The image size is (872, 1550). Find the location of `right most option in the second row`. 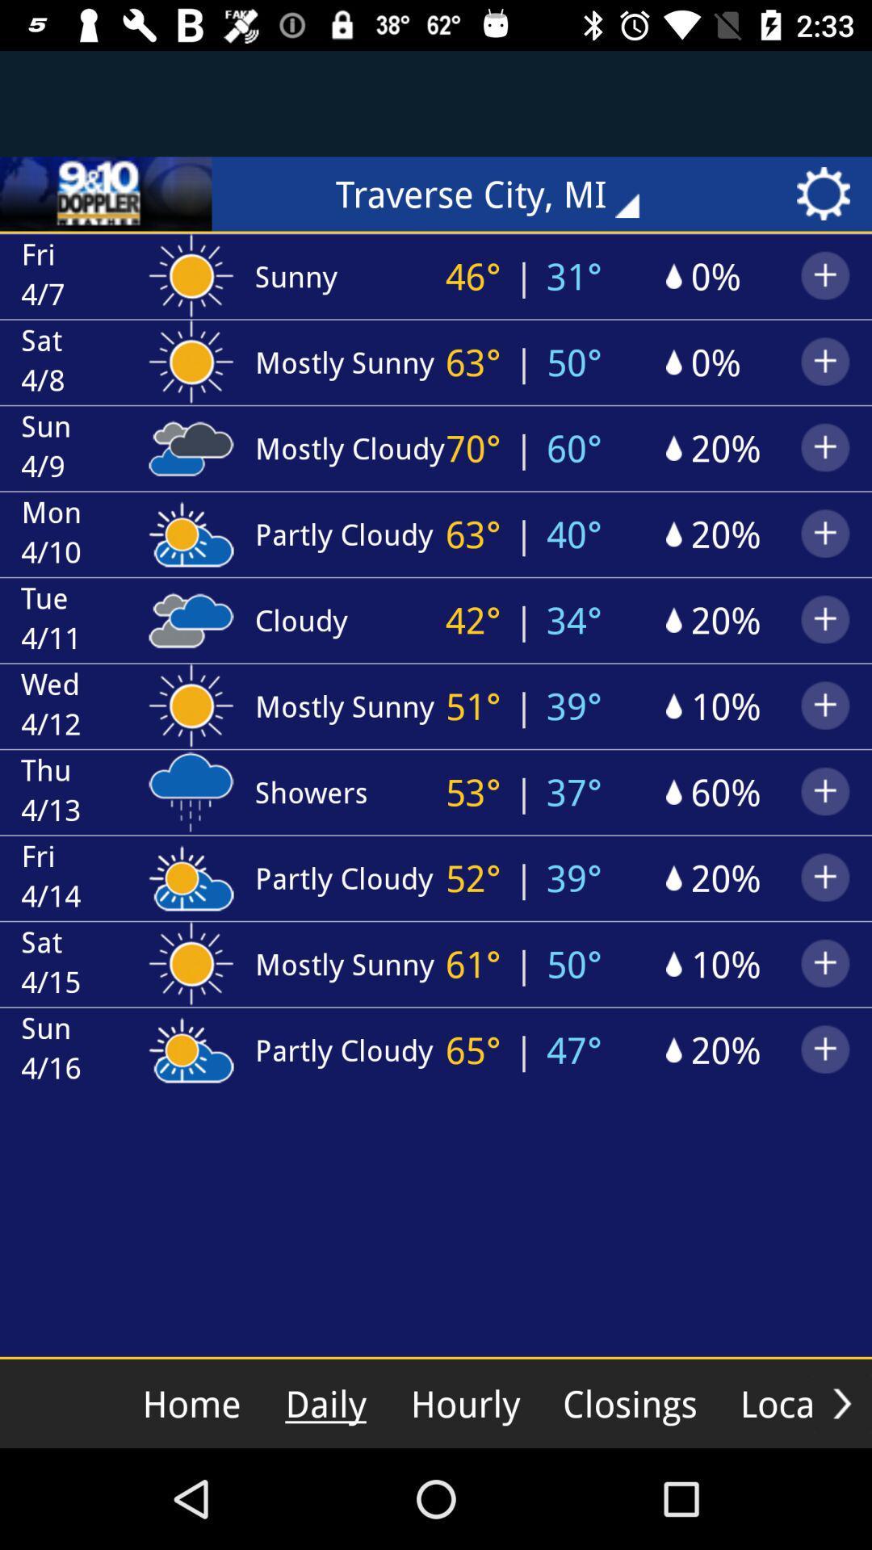

right most option in the second row is located at coordinates (825, 272).